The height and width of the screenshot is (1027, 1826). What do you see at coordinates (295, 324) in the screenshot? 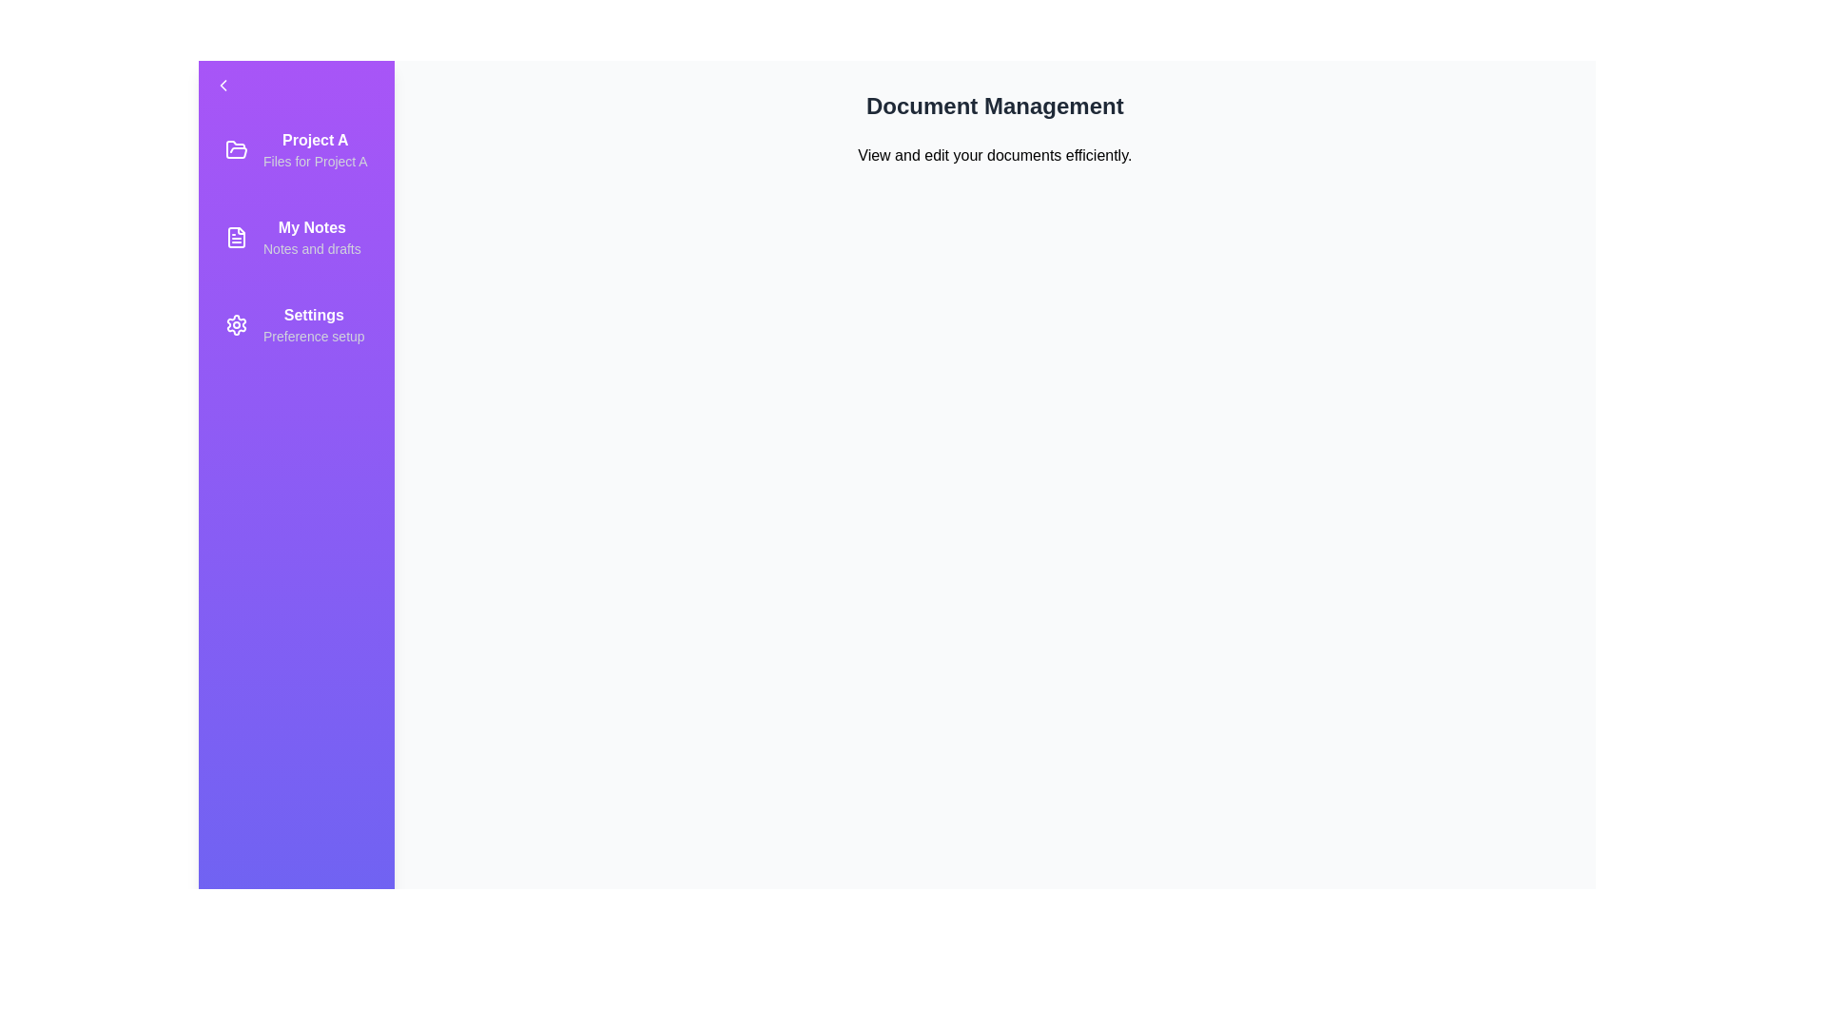
I see `the item Settings from the list in the drawer` at bounding box center [295, 324].